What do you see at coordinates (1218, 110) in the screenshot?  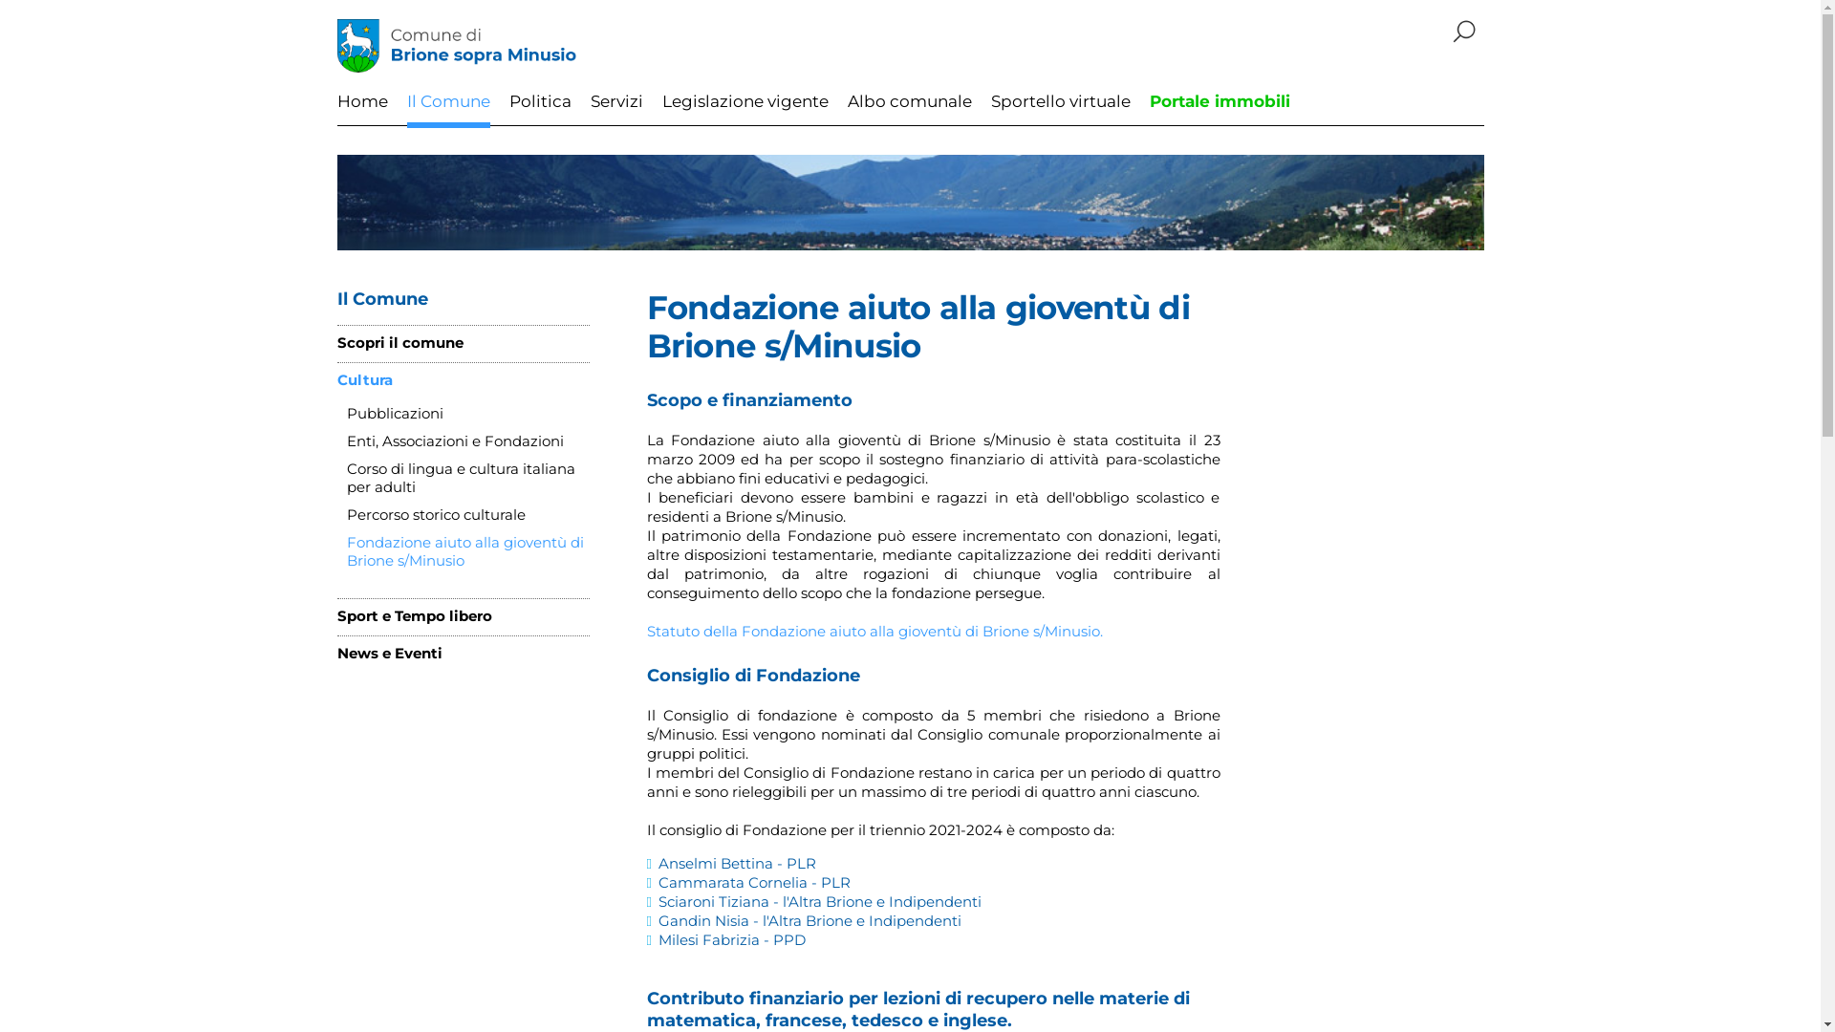 I see `'Portale immobili'` at bounding box center [1218, 110].